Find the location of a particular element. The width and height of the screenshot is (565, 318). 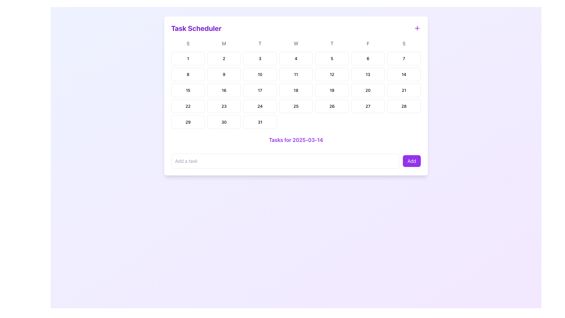

the text header that reads 'Tasks for 2025-03-14', which is displayed in a bold and large purple font, positioned beneath a calendar widget and above an input field is located at coordinates (296, 140).